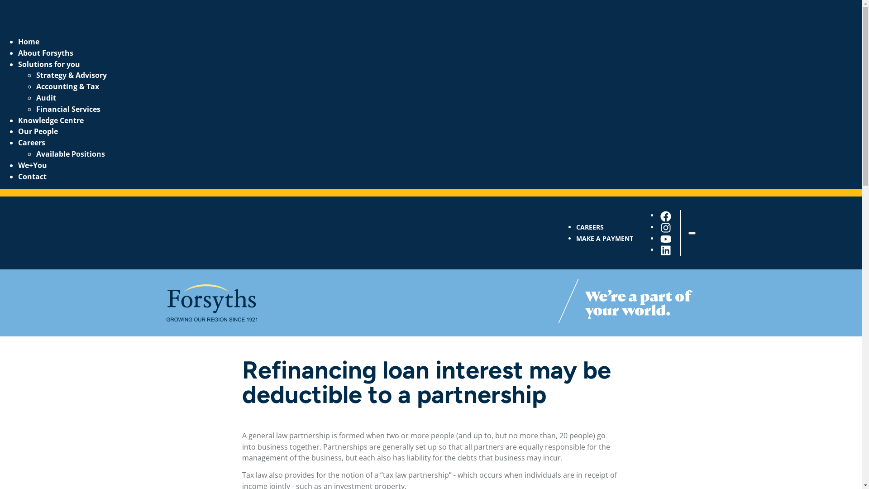 The width and height of the screenshot is (869, 489). Describe the element at coordinates (67, 108) in the screenshot. I see `'Financial Services'` at that location.